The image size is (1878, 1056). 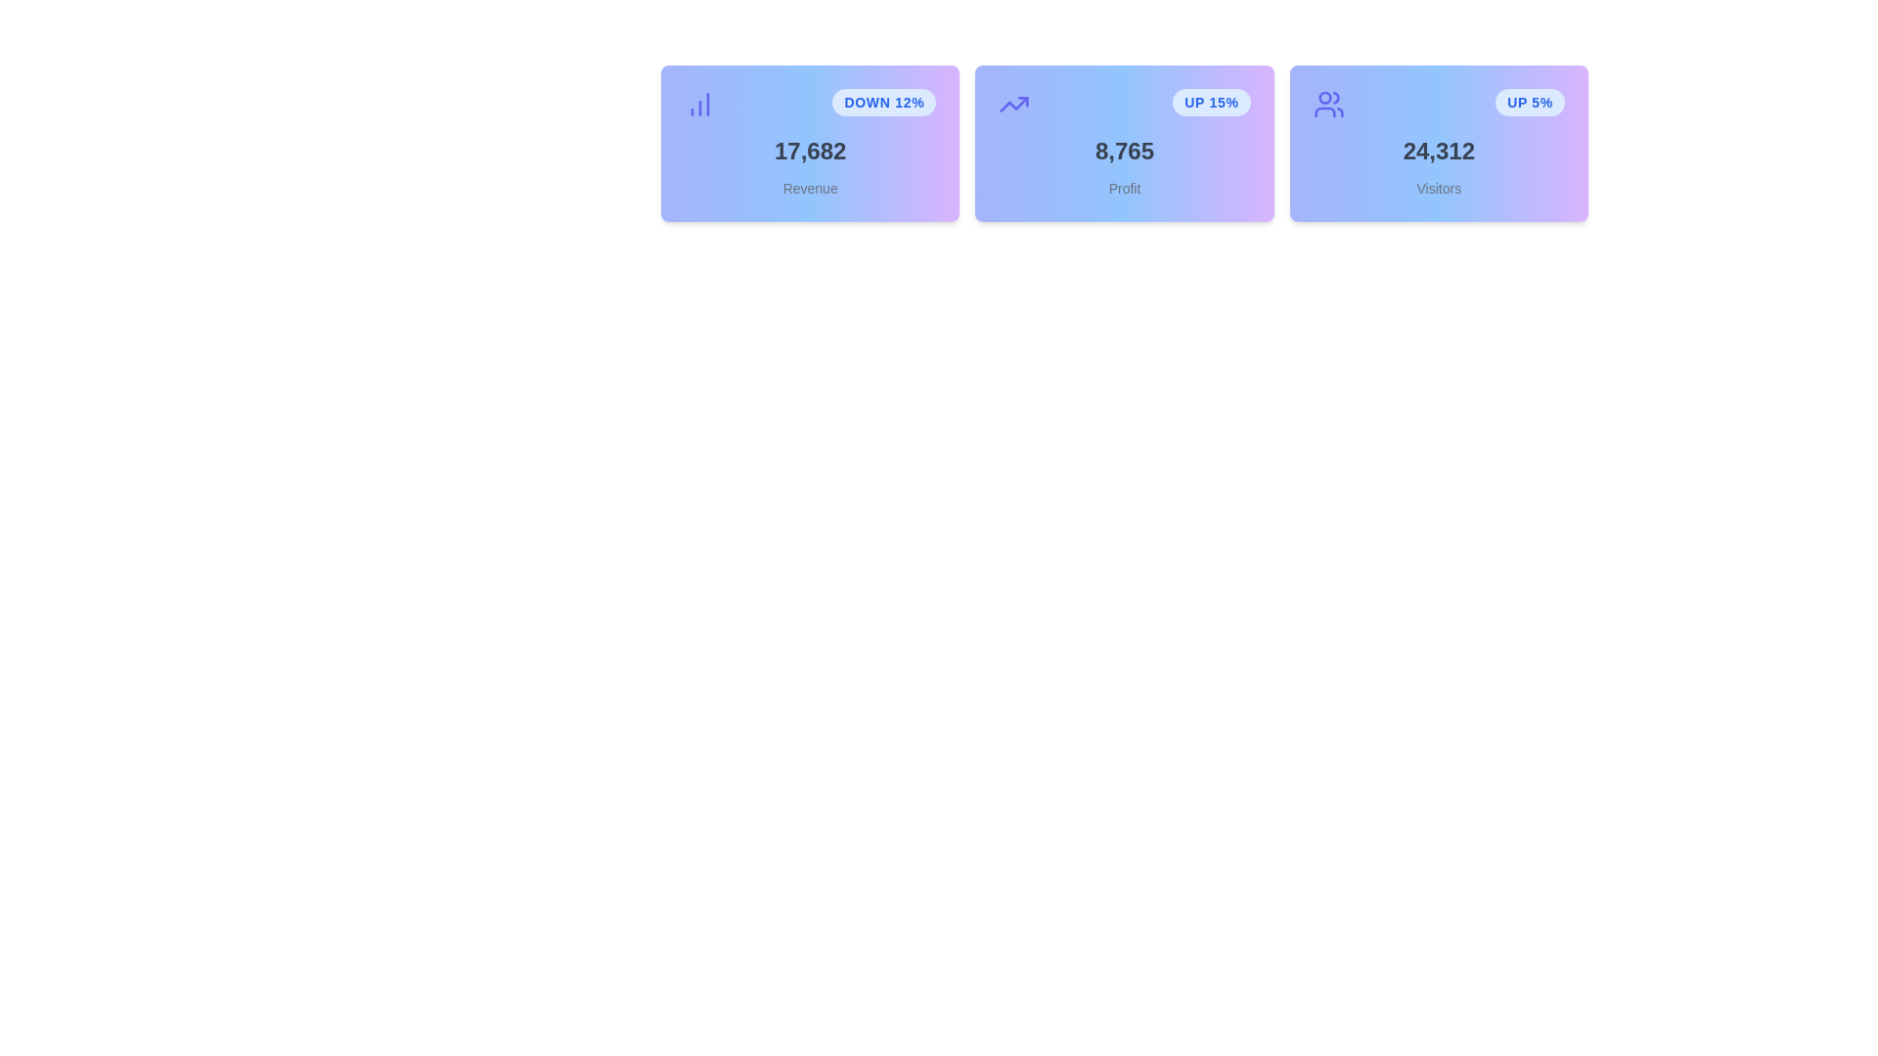 What do you see at coordinates (1333, 98) in the screenshot?
I see `the top-right icon of the user group representation, which visualizes user count or demographic` at bounding box center [1333, 98].